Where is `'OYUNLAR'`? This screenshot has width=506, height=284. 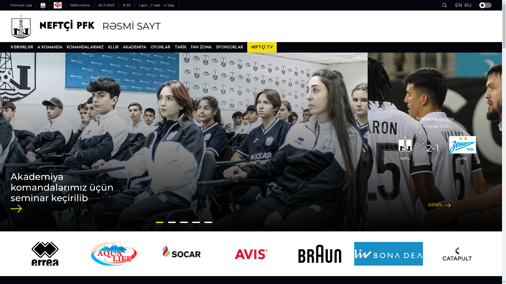 'OYUNLAR' is located at coordinates (160, 47).